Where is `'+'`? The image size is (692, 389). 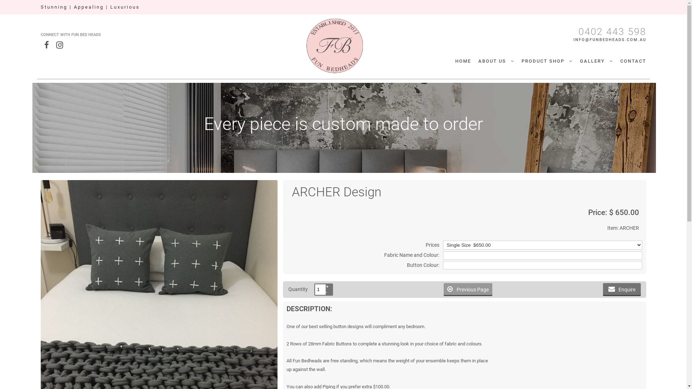
'+' is located at coordinates (325, 286).